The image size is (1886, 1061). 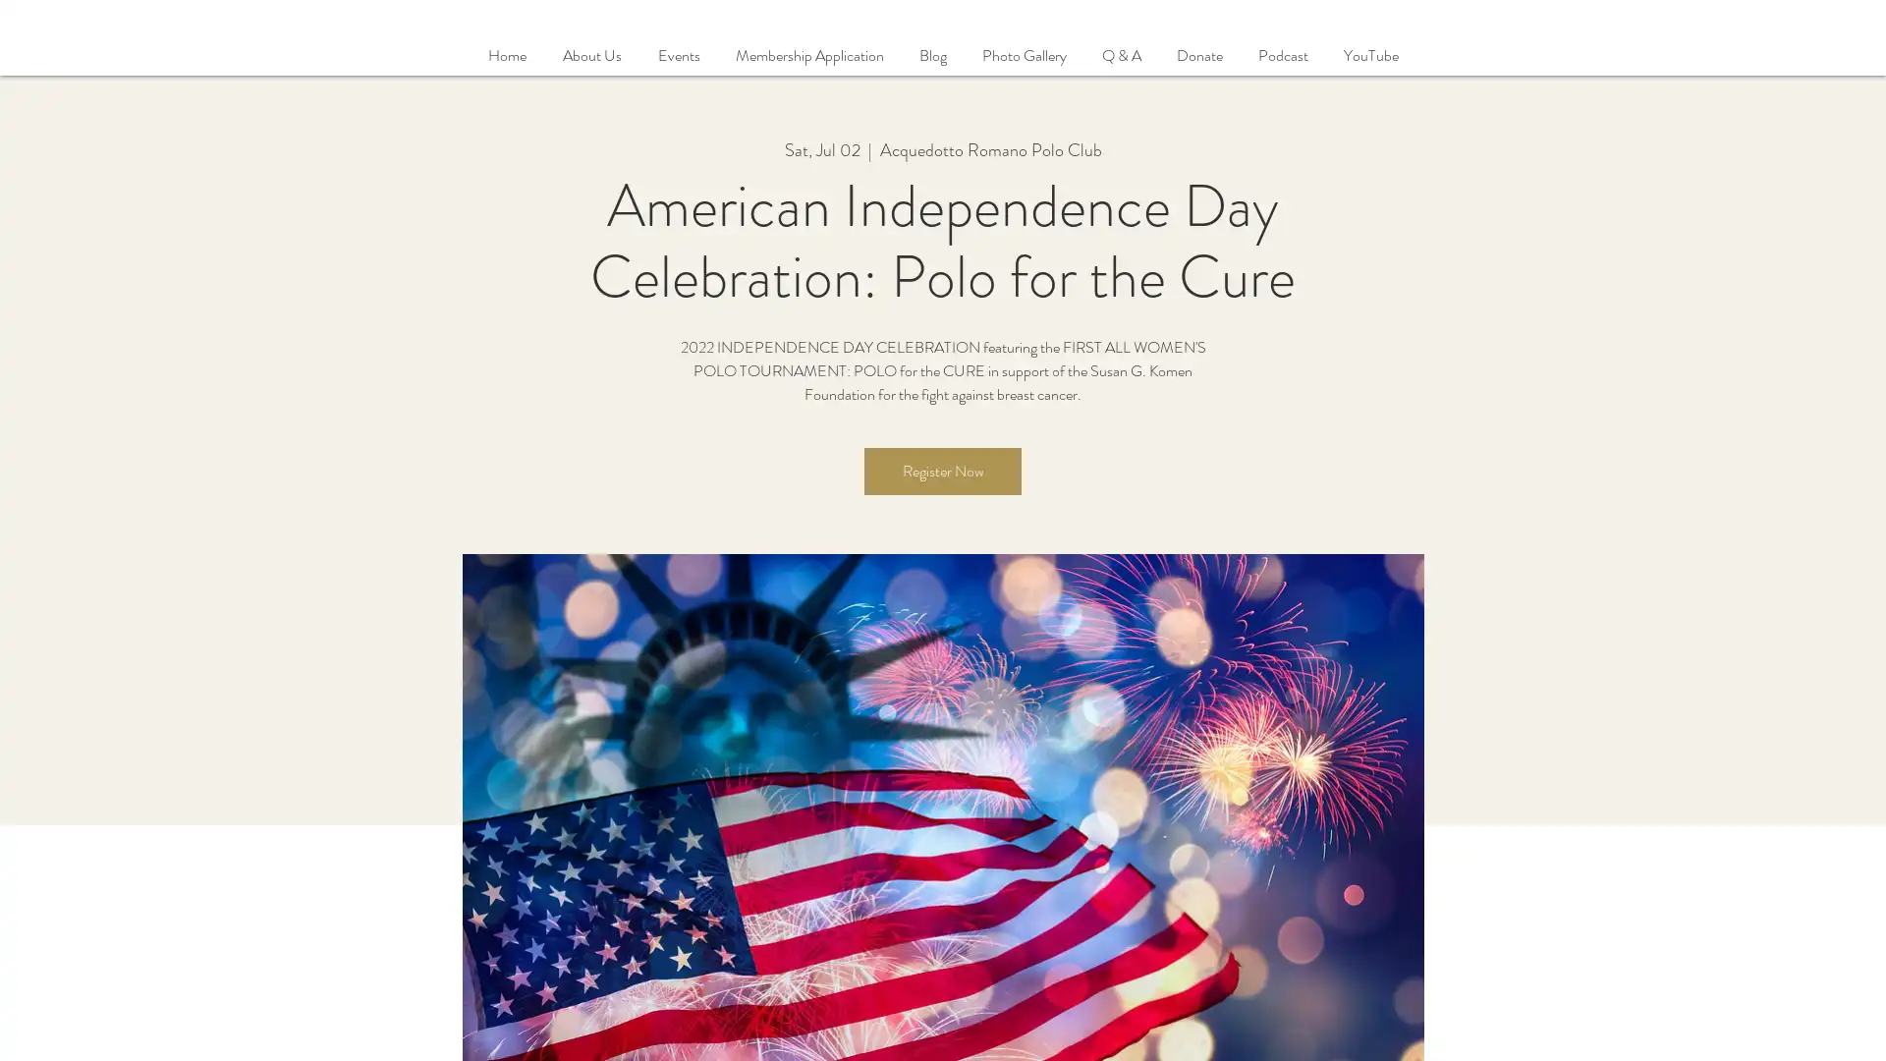 I want to click on Register Now, so click(x=943, y=471).